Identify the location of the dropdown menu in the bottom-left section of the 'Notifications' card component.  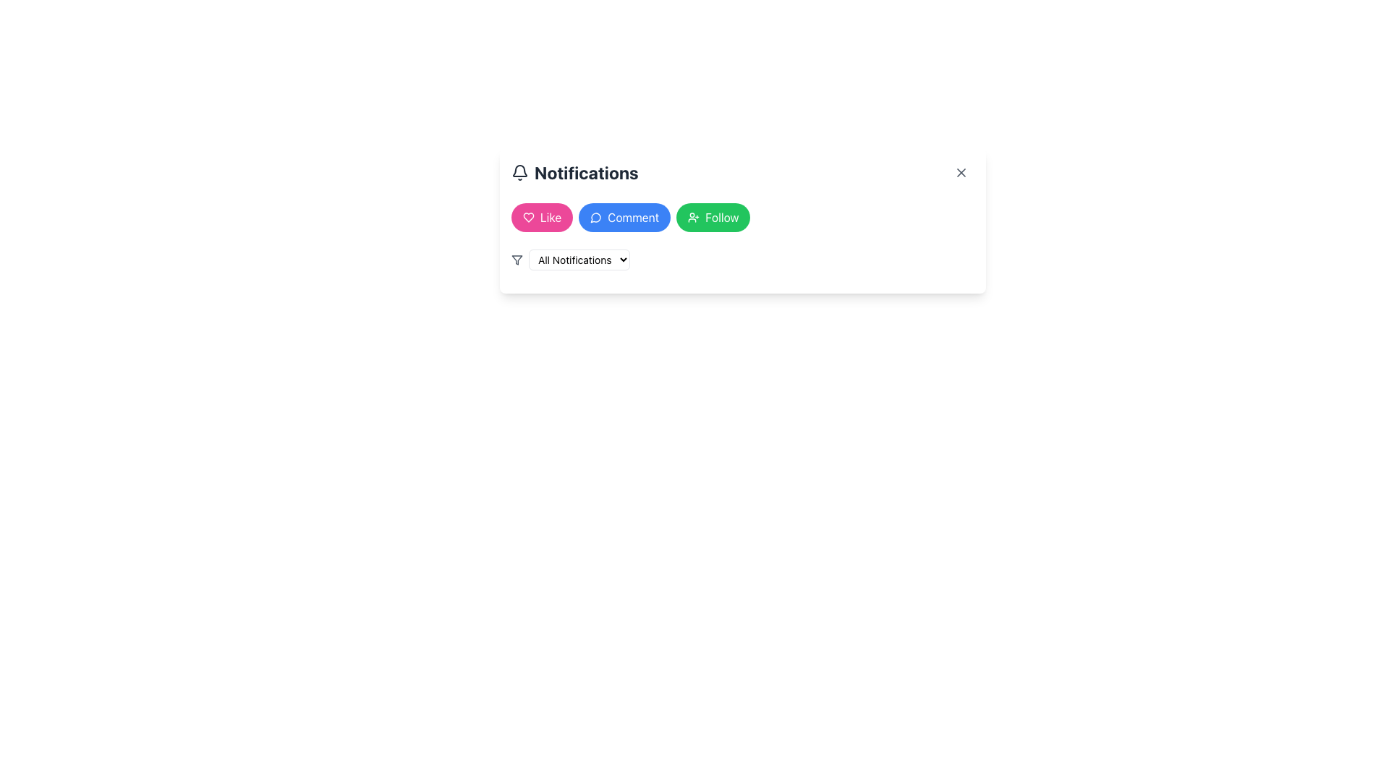
(579, 259).